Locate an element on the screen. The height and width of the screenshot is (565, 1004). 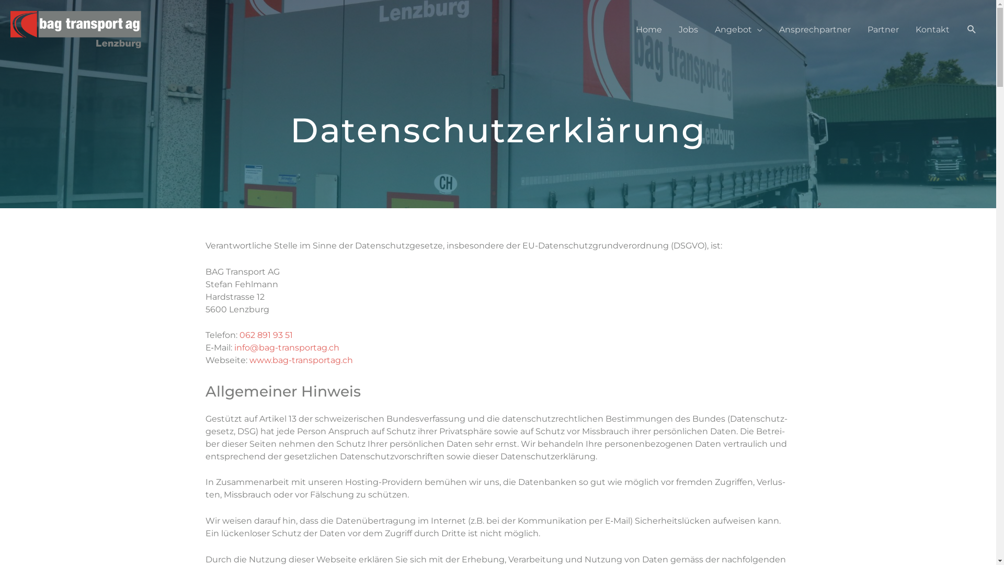
'062 891 93 51' is located at coordinates (238, 335).